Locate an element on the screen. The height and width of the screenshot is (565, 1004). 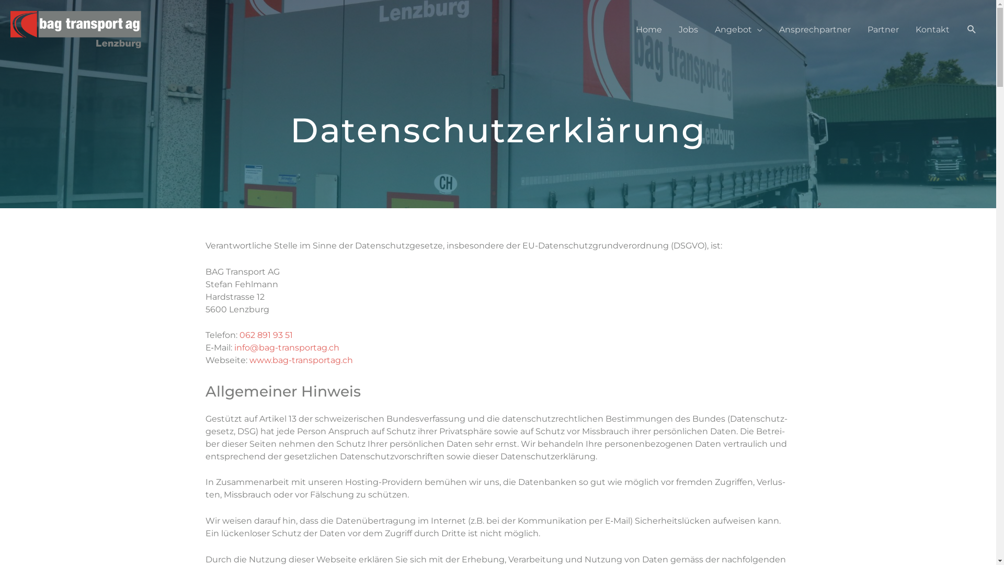
'062 891 93 51' is located at coordinates (238, 335).